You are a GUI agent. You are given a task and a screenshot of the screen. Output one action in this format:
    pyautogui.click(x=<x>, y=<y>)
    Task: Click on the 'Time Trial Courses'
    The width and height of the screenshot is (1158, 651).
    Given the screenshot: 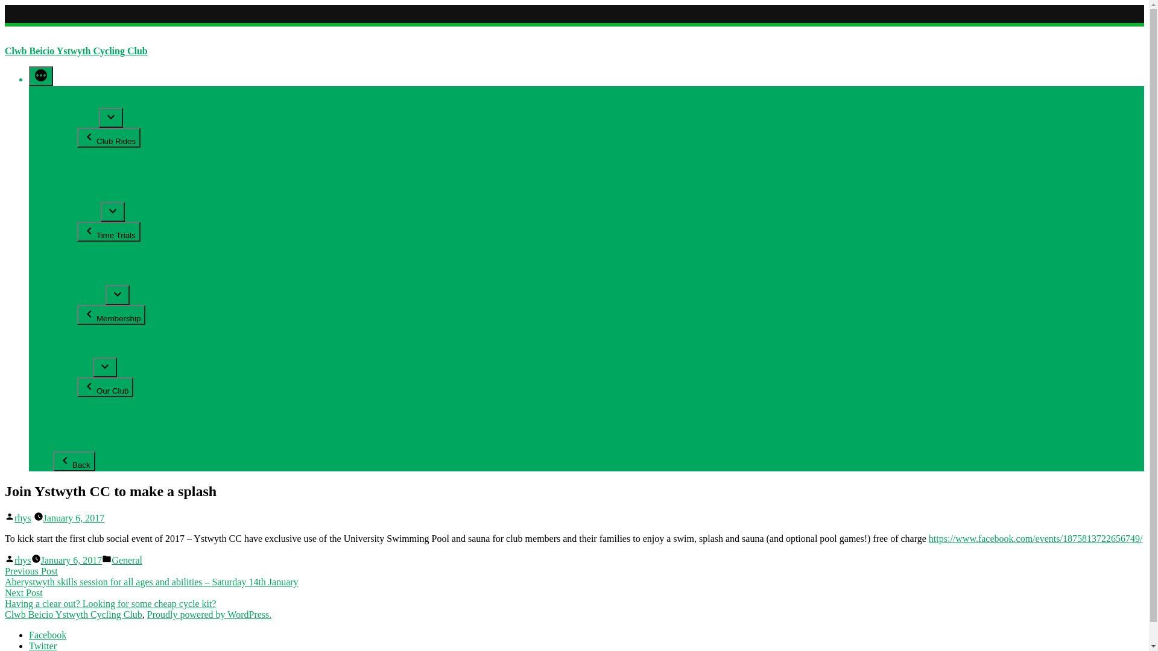 What is the action you would take?
    pyautogui.click(x=116, y=279)
    